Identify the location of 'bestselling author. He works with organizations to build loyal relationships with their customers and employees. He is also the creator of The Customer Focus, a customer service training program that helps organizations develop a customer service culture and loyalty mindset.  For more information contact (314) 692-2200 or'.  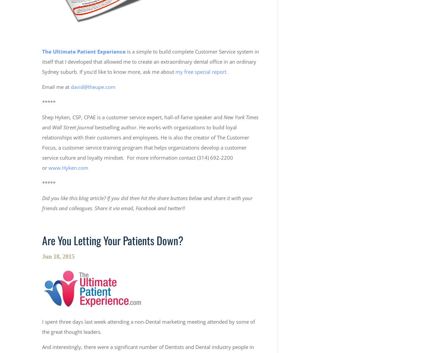
(145, 147).